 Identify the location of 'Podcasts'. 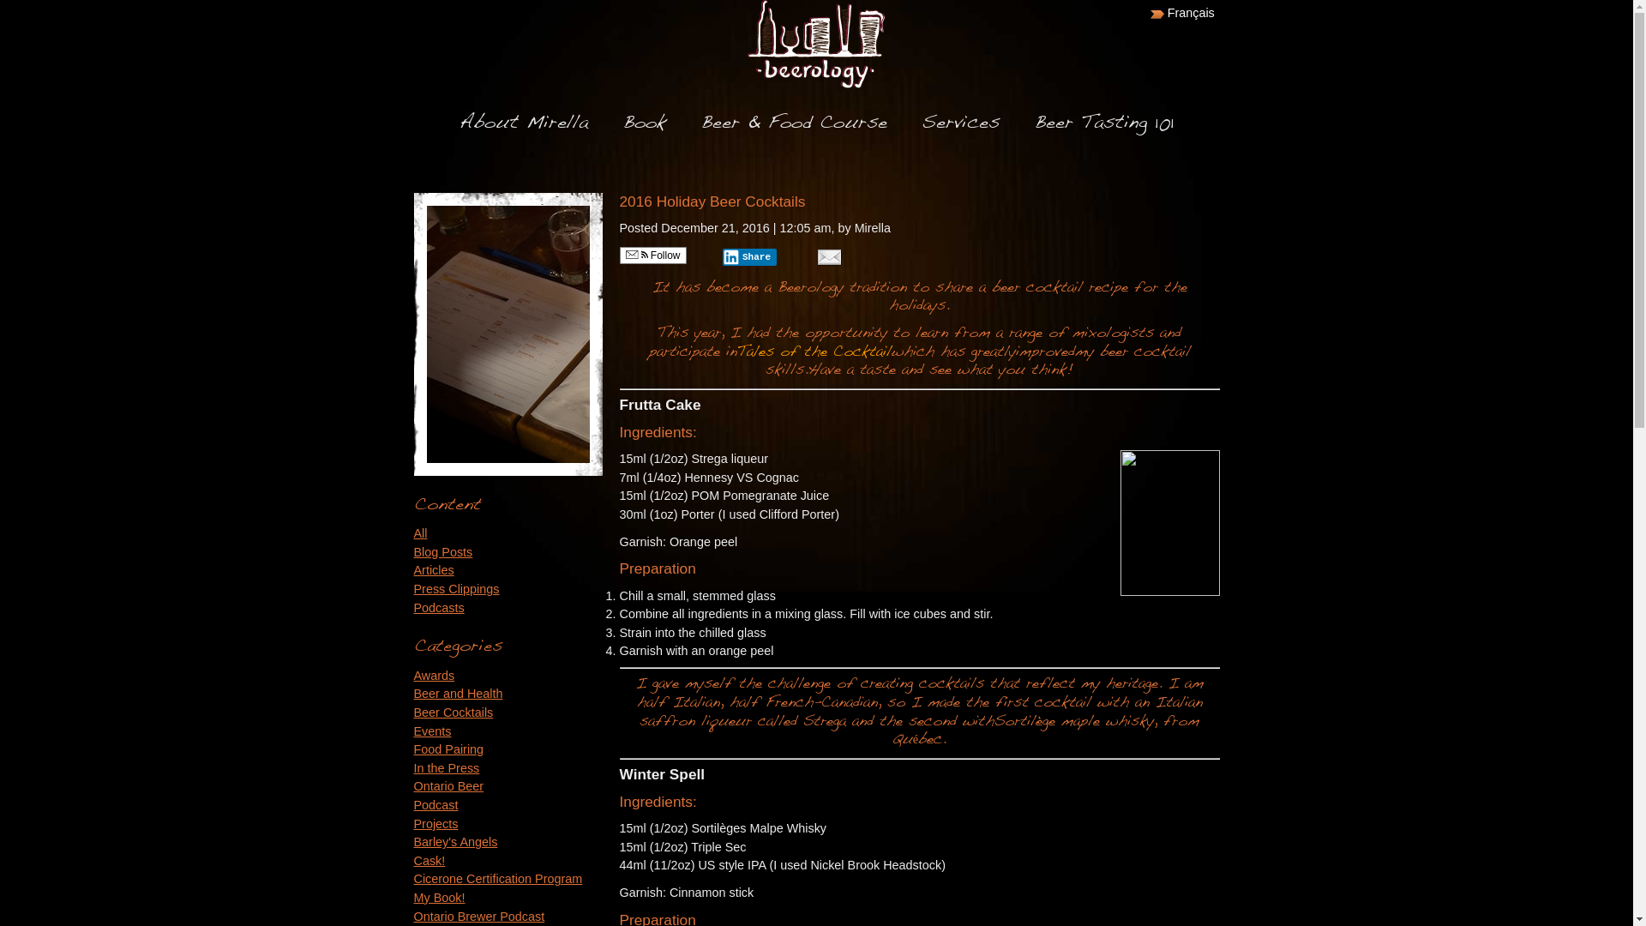
(438, 607).